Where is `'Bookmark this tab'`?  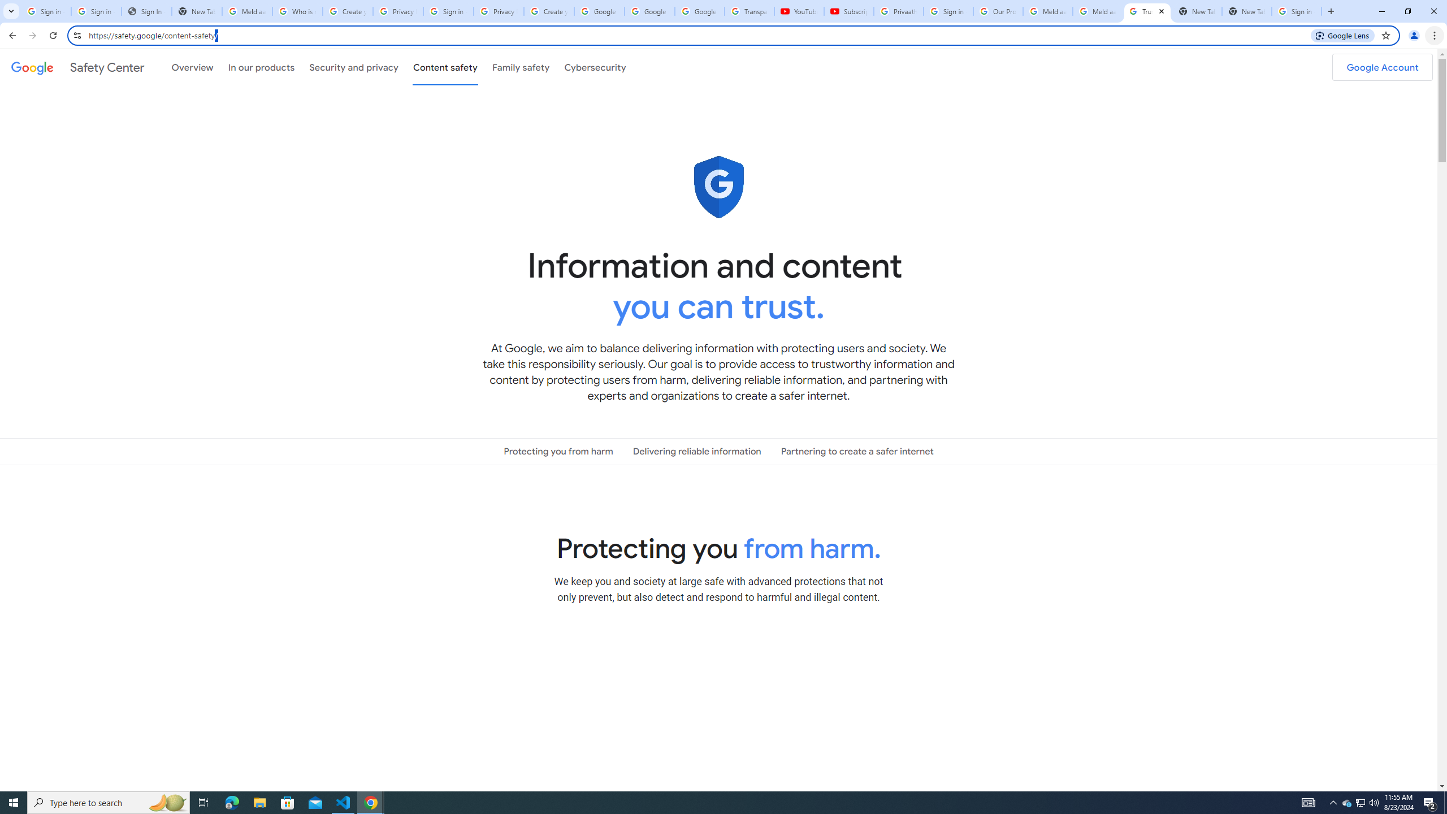
'Bookmark this tab' is located at coordinates (1385, 34).